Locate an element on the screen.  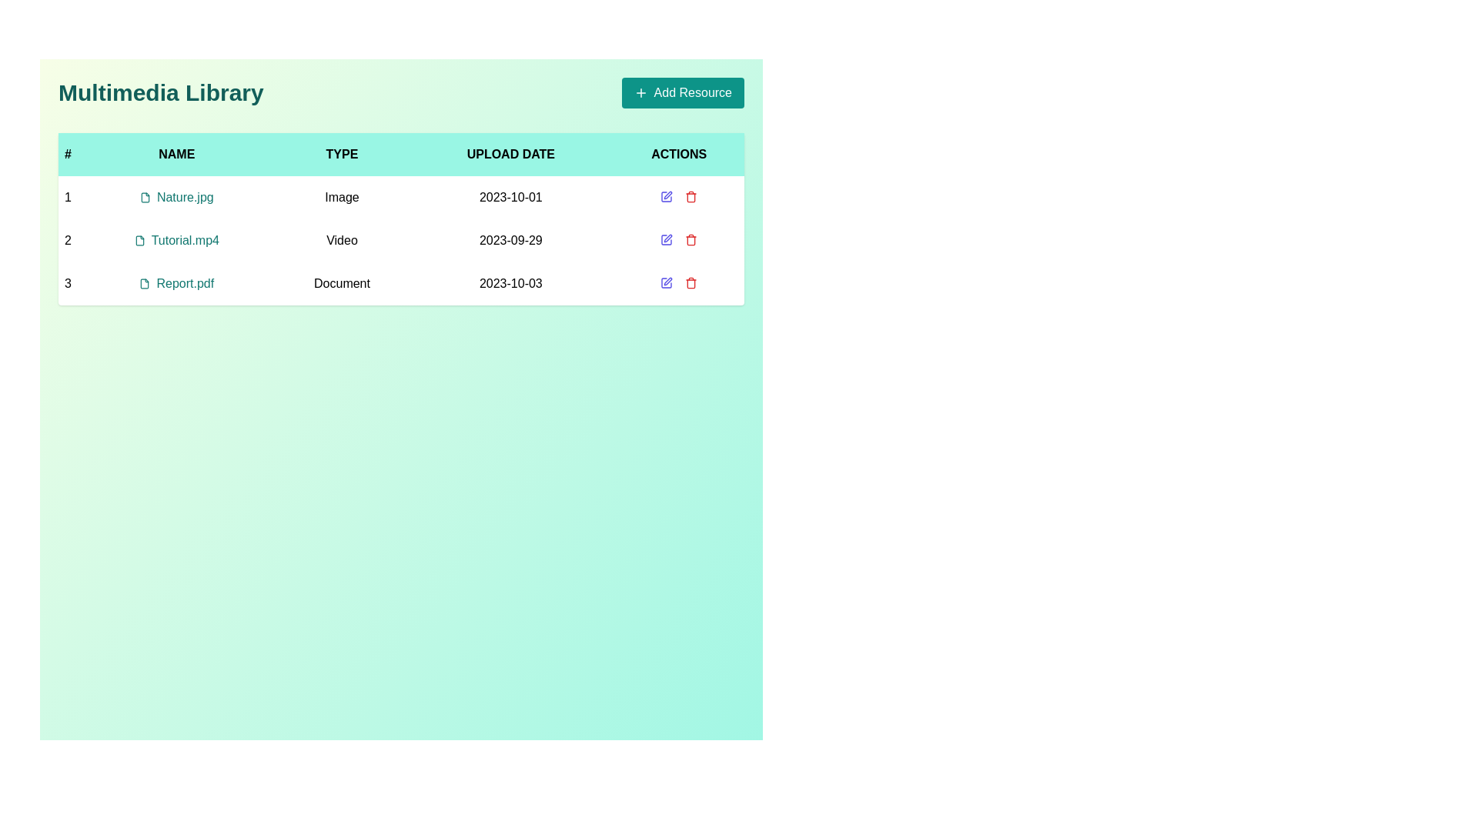
upload date displayed in the static text label located in the second row of the table under the 'UPLOAD DATE' column, aligned with the 'Tutorial.mp4' entry is located at coordinates (510, 240).